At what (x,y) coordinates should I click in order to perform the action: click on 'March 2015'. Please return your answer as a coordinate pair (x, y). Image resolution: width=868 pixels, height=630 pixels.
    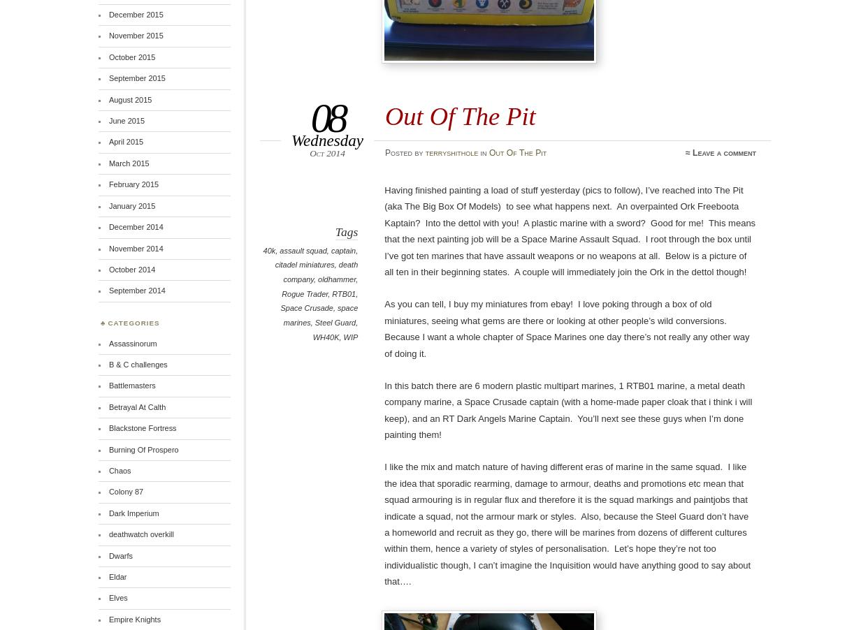
    Looking at the image, I should click on (127, 162).